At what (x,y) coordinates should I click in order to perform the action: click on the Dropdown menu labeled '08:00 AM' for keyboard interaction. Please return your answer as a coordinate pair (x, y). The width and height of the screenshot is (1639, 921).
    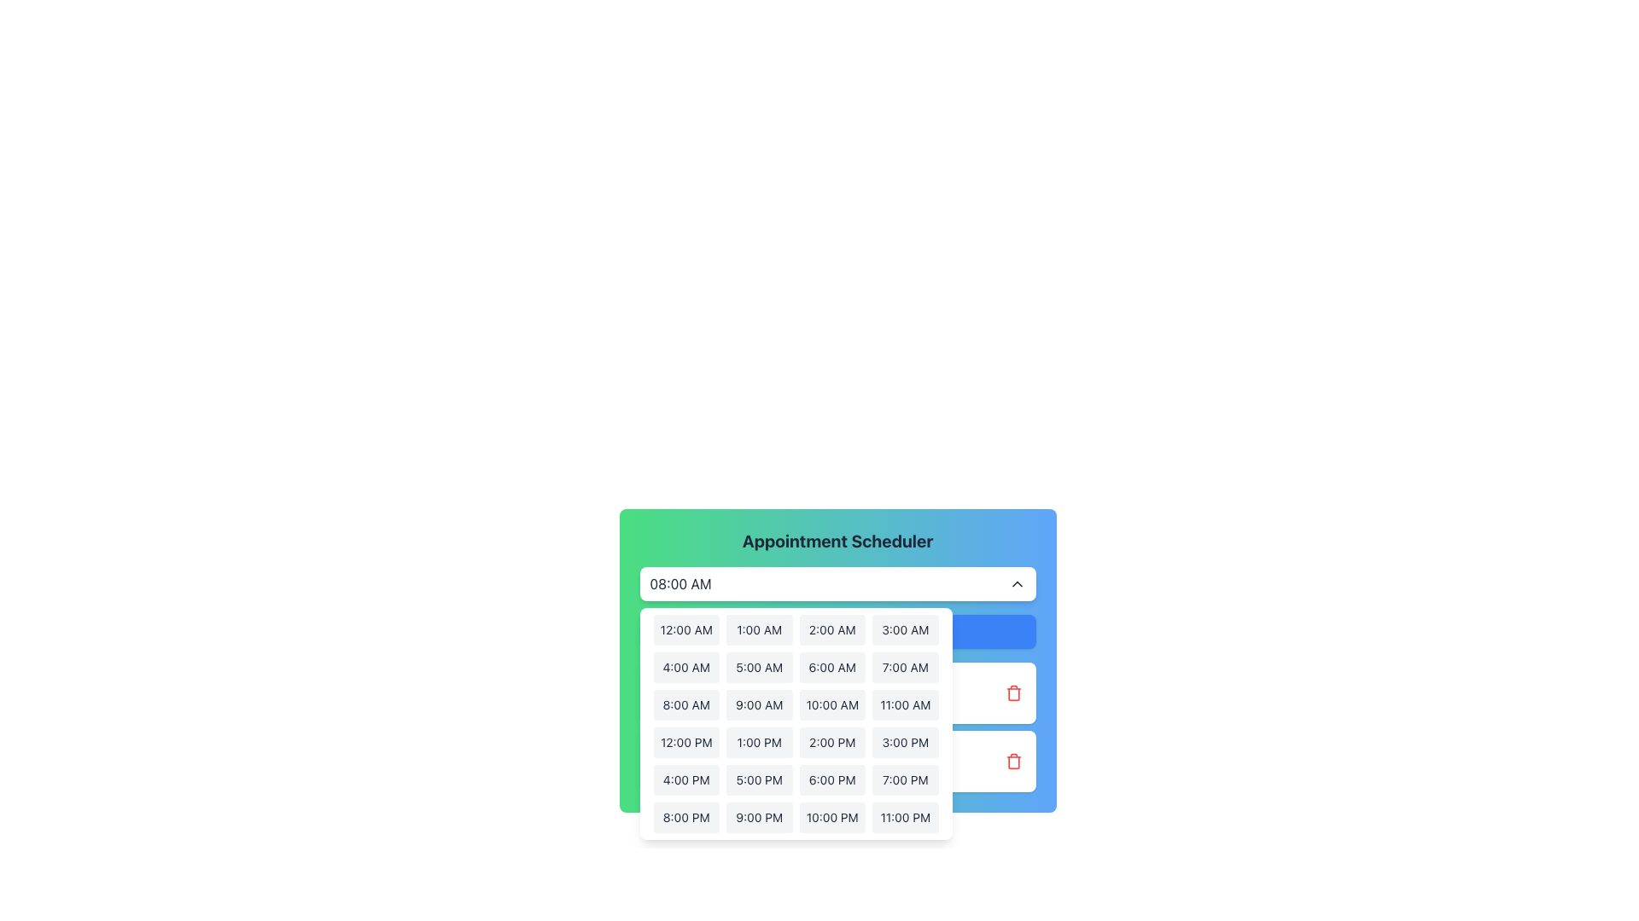
    Looking at the image, I should click on (837, 583).